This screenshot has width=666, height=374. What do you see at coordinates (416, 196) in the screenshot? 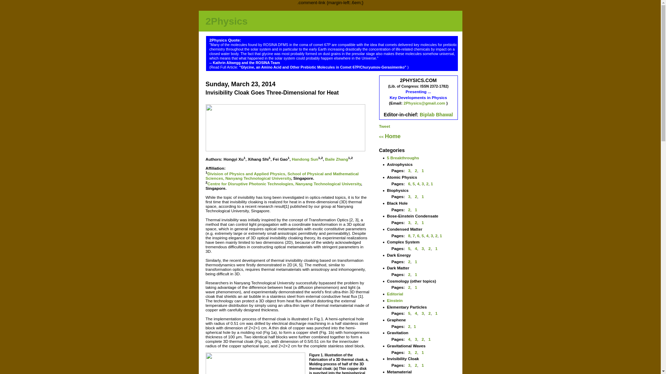
I see `'2'` at bounding box center [416, 196].